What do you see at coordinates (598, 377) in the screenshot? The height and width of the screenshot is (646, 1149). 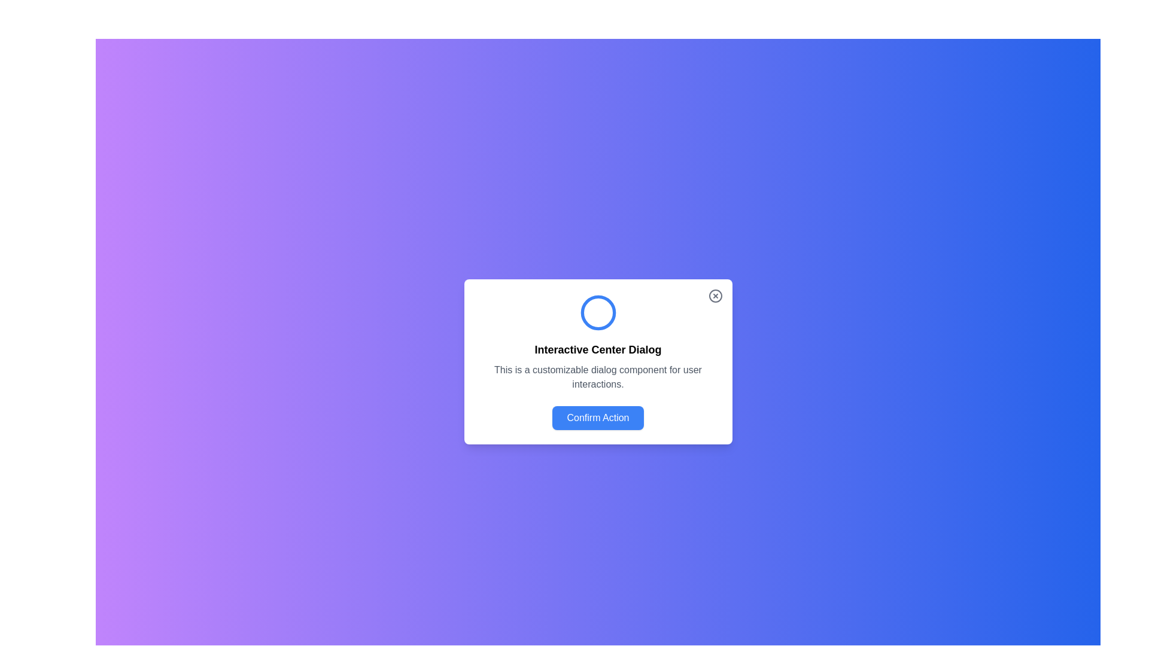 I see `the text label that says 'This is a customizable dialog component for user interactions.' which is centered in the dialog, located below the title 'Interactive Center Dialog' and above the button 'Confirm Action.'` at bounding box center [598, 377].